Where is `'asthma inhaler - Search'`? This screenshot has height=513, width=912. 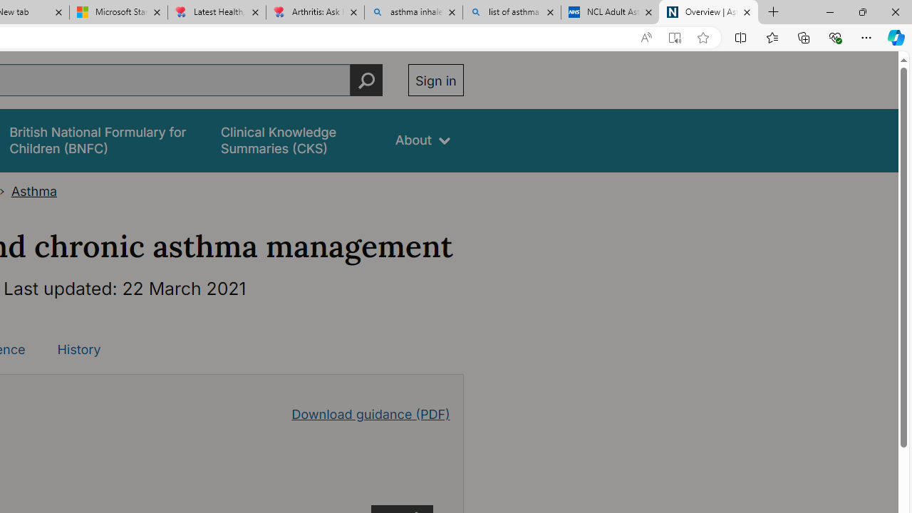
'asthma inhaler - Search' is located at coordinates (413, 12).